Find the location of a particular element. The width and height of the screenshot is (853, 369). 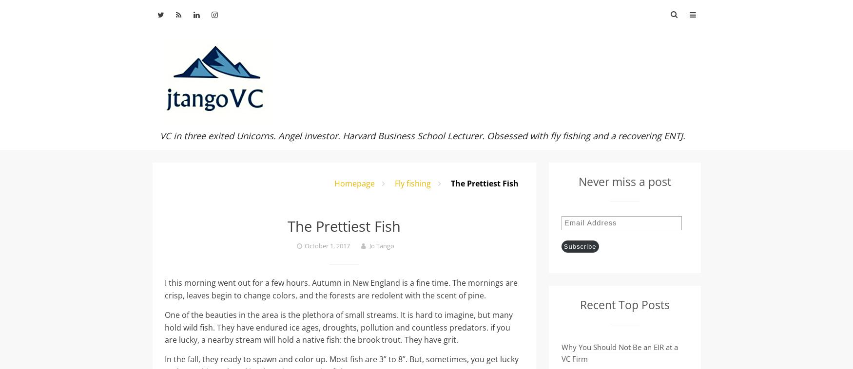

'Never miss a post' is located at coordinates (624, 182).